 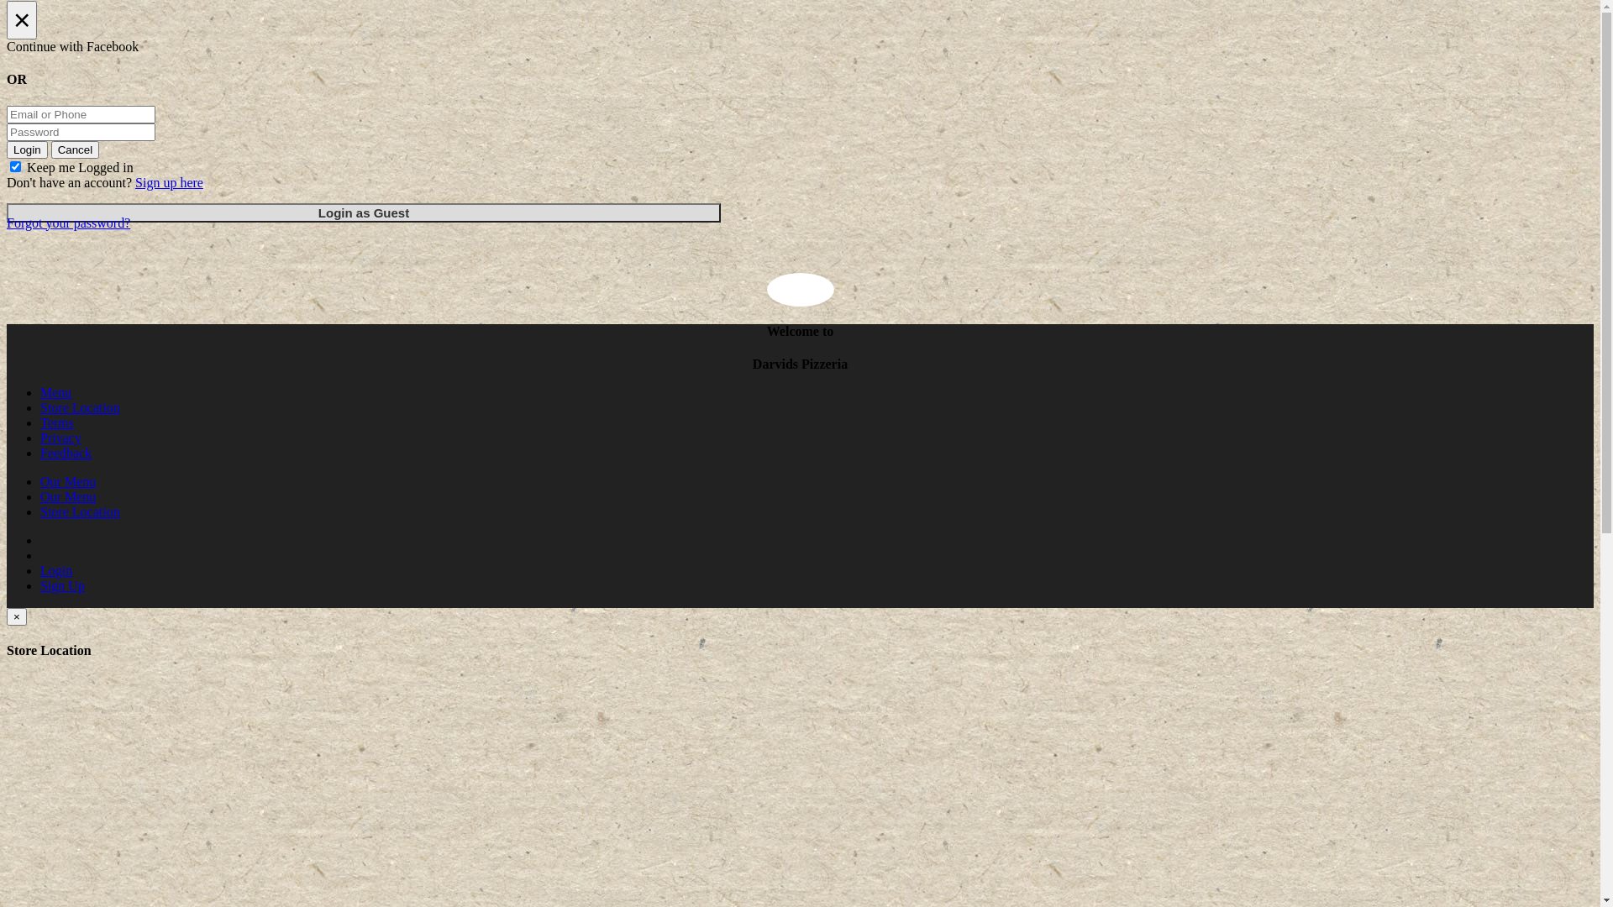 What do you see at coordinates (56, 422) in the screenshot?
I see `'Terms'` at bounding box center [56, 422].